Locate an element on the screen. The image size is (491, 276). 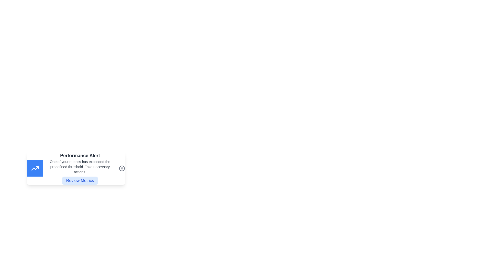
the close button to dismiss the alert is located at coordinates (121, 168).